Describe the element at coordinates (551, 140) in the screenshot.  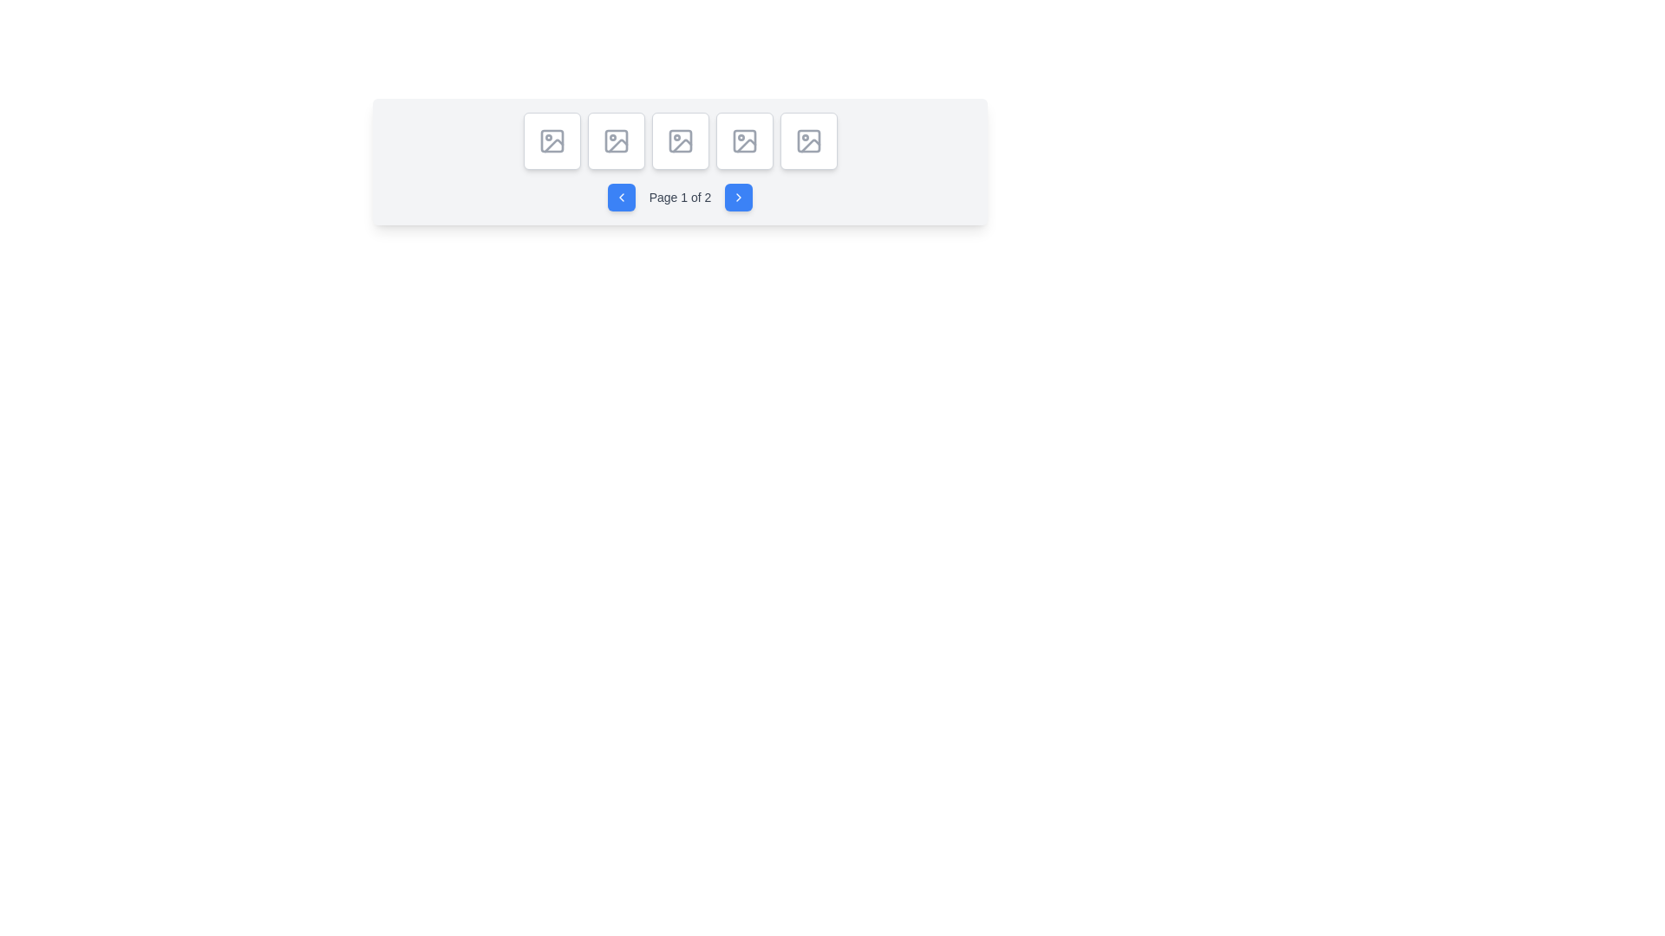
I see `the first selectable button in the navigation bar, which is a white rounded square with a gray landscape icon` at that location.